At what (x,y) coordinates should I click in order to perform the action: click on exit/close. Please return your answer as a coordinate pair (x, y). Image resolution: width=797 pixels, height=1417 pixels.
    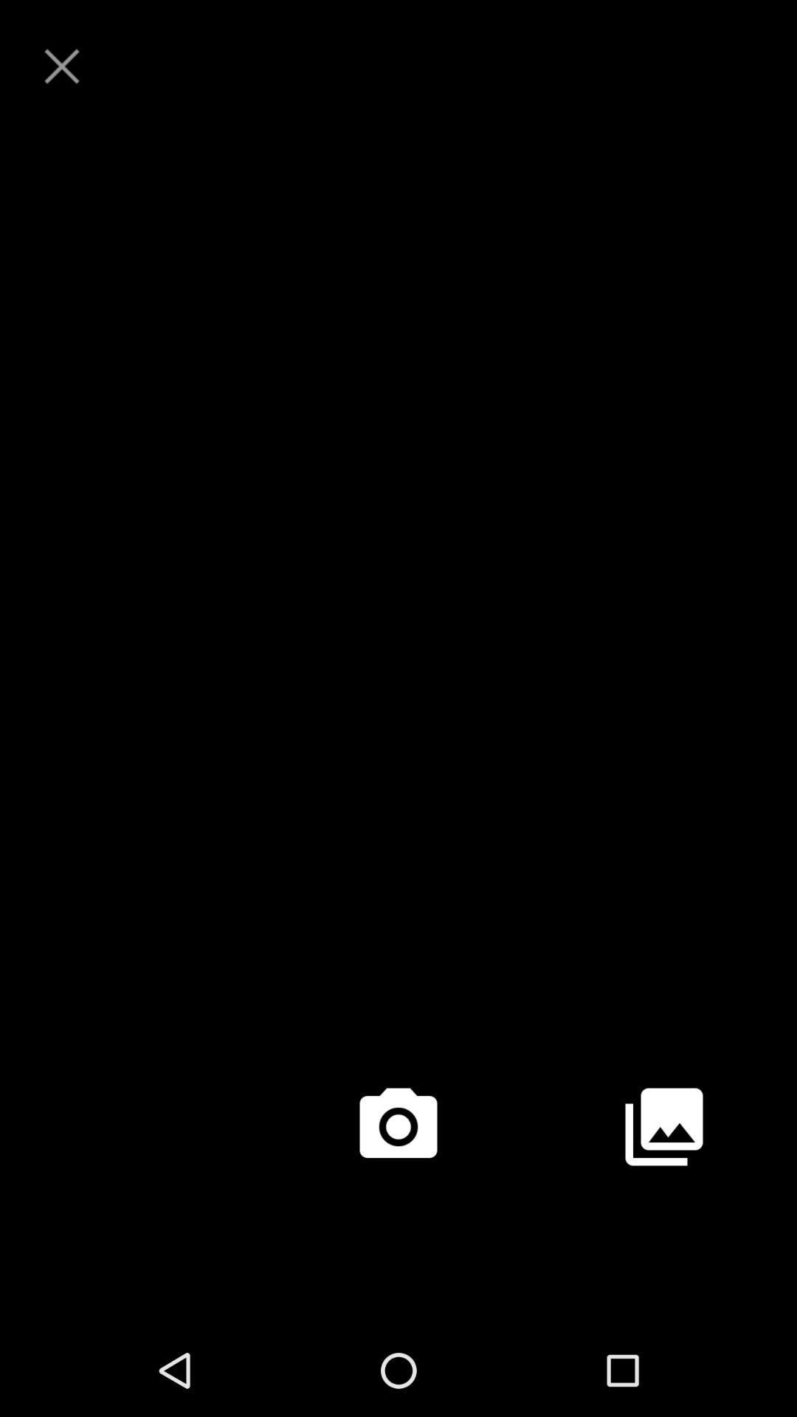
    Looking at the image, I should click on (61, 66).